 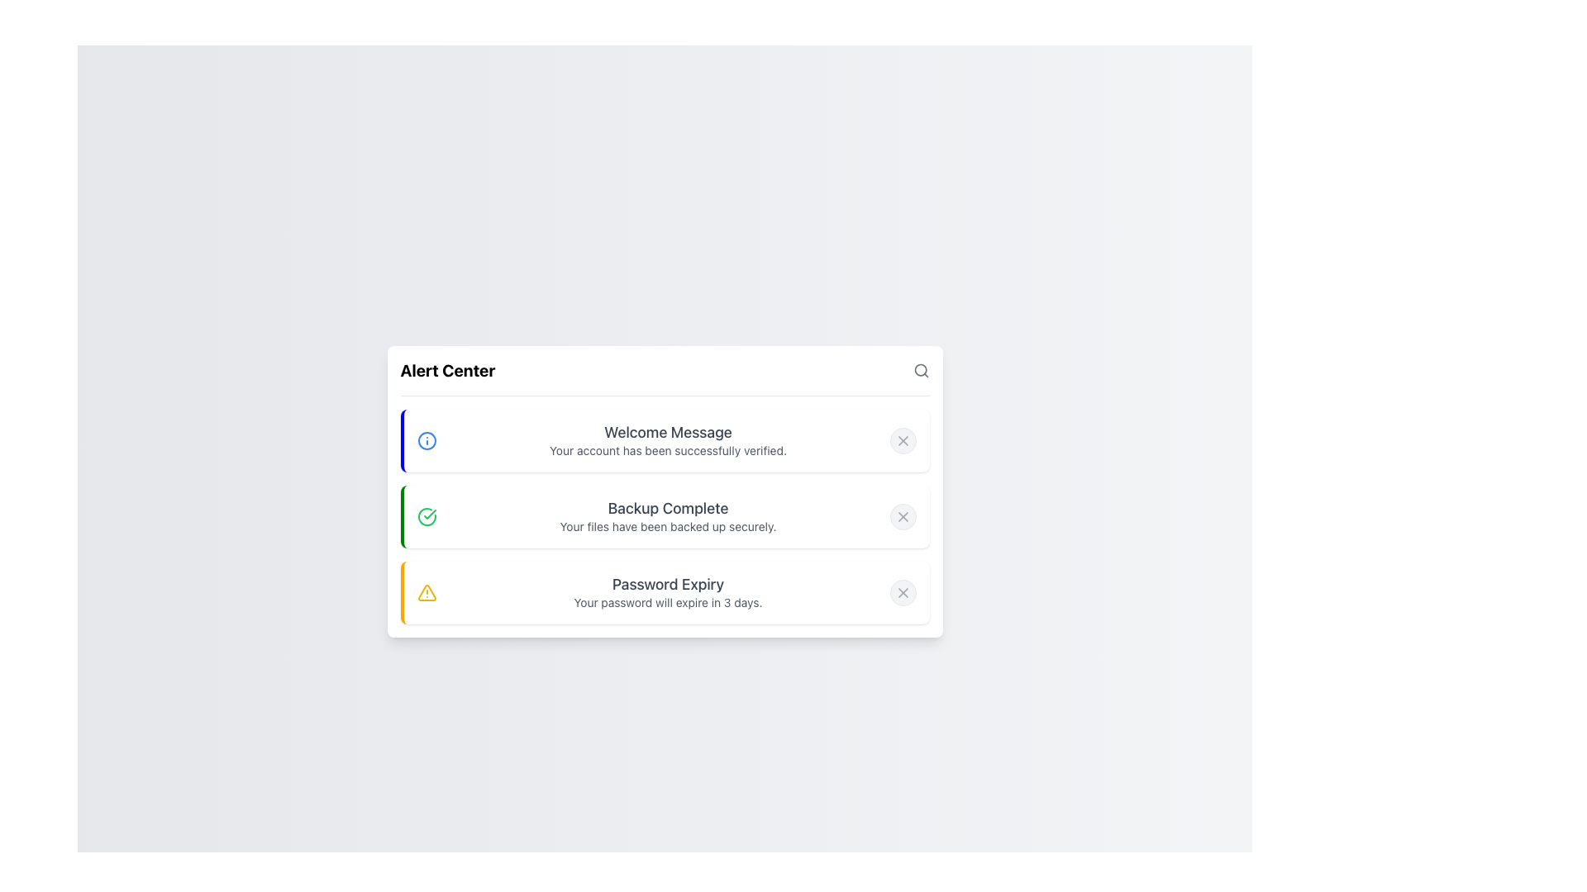 I want to click on the success icon located on the left-hand side of the 'Backup Complete' notification, which is part of the second entry in the list of alert items, so click(x=429, y=512).